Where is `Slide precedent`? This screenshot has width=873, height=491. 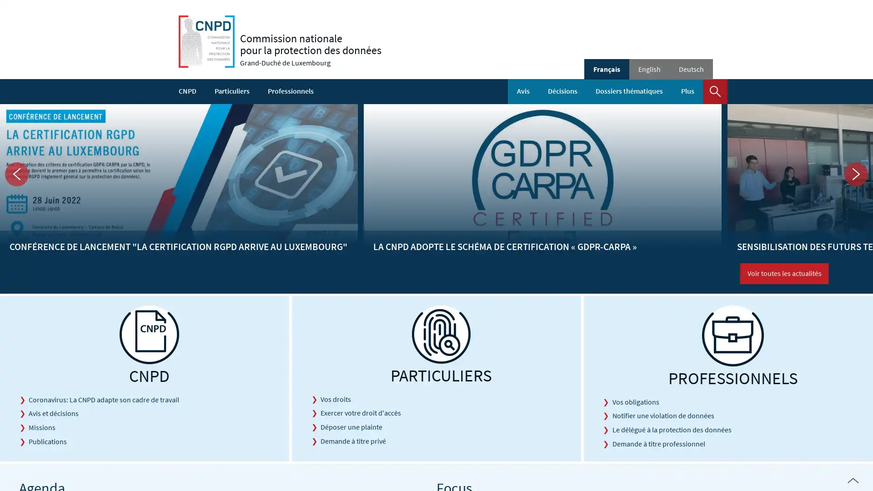 Slide precedent is located at coordinates (16, 174).